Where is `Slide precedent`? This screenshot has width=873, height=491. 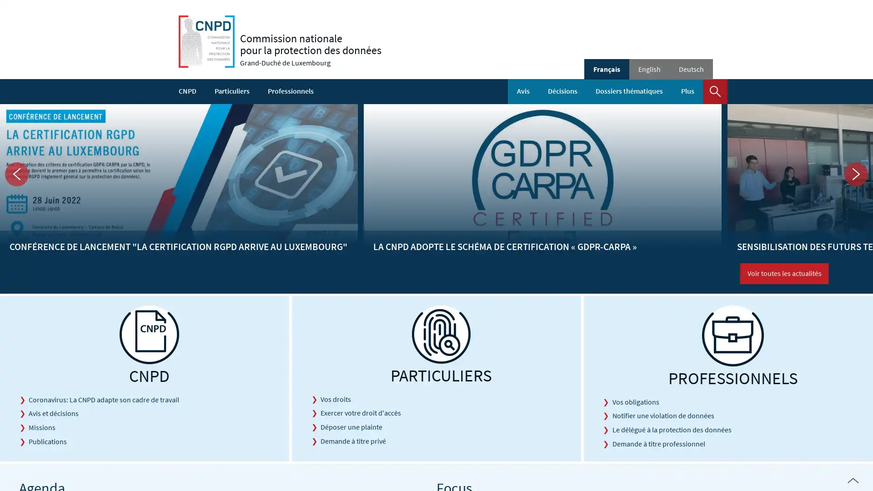 Slide precedent is located at coordinates (16, 174).